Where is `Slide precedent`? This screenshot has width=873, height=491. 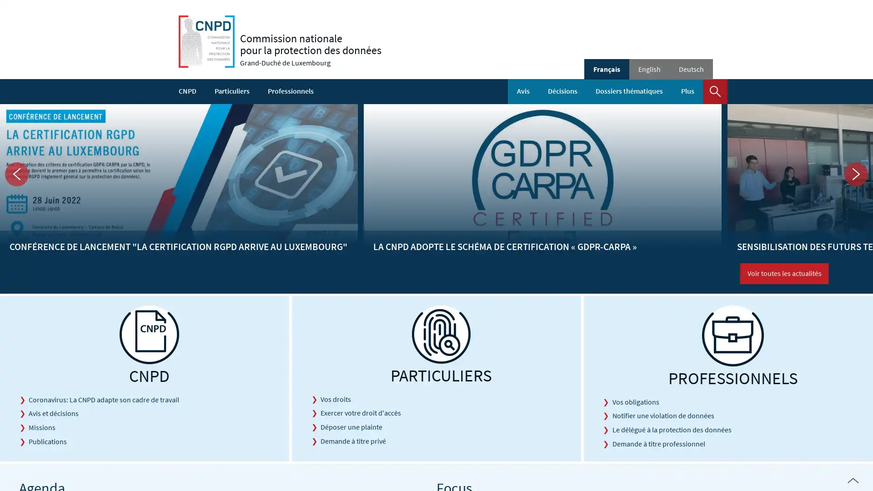 Slide precedent is located at coordinates (16, 174).